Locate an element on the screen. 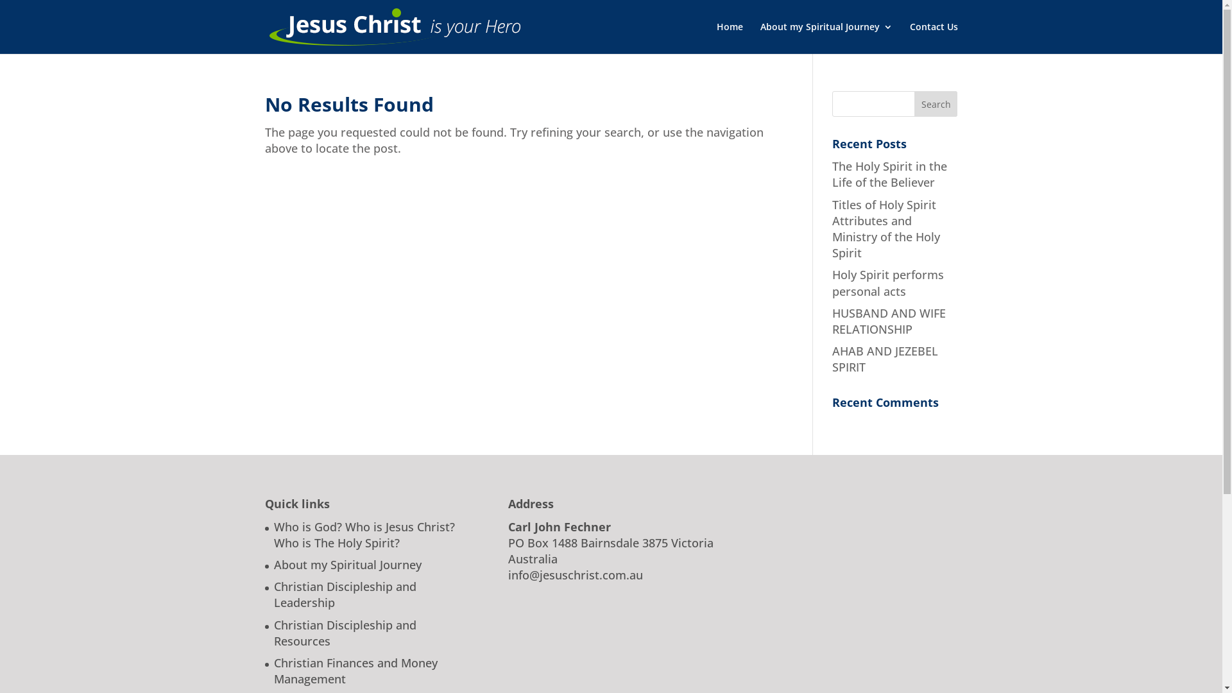  'Who is God? Who is Jesus Christ? Who is The Holy Spirit?' is located at coordinates (273, 535).